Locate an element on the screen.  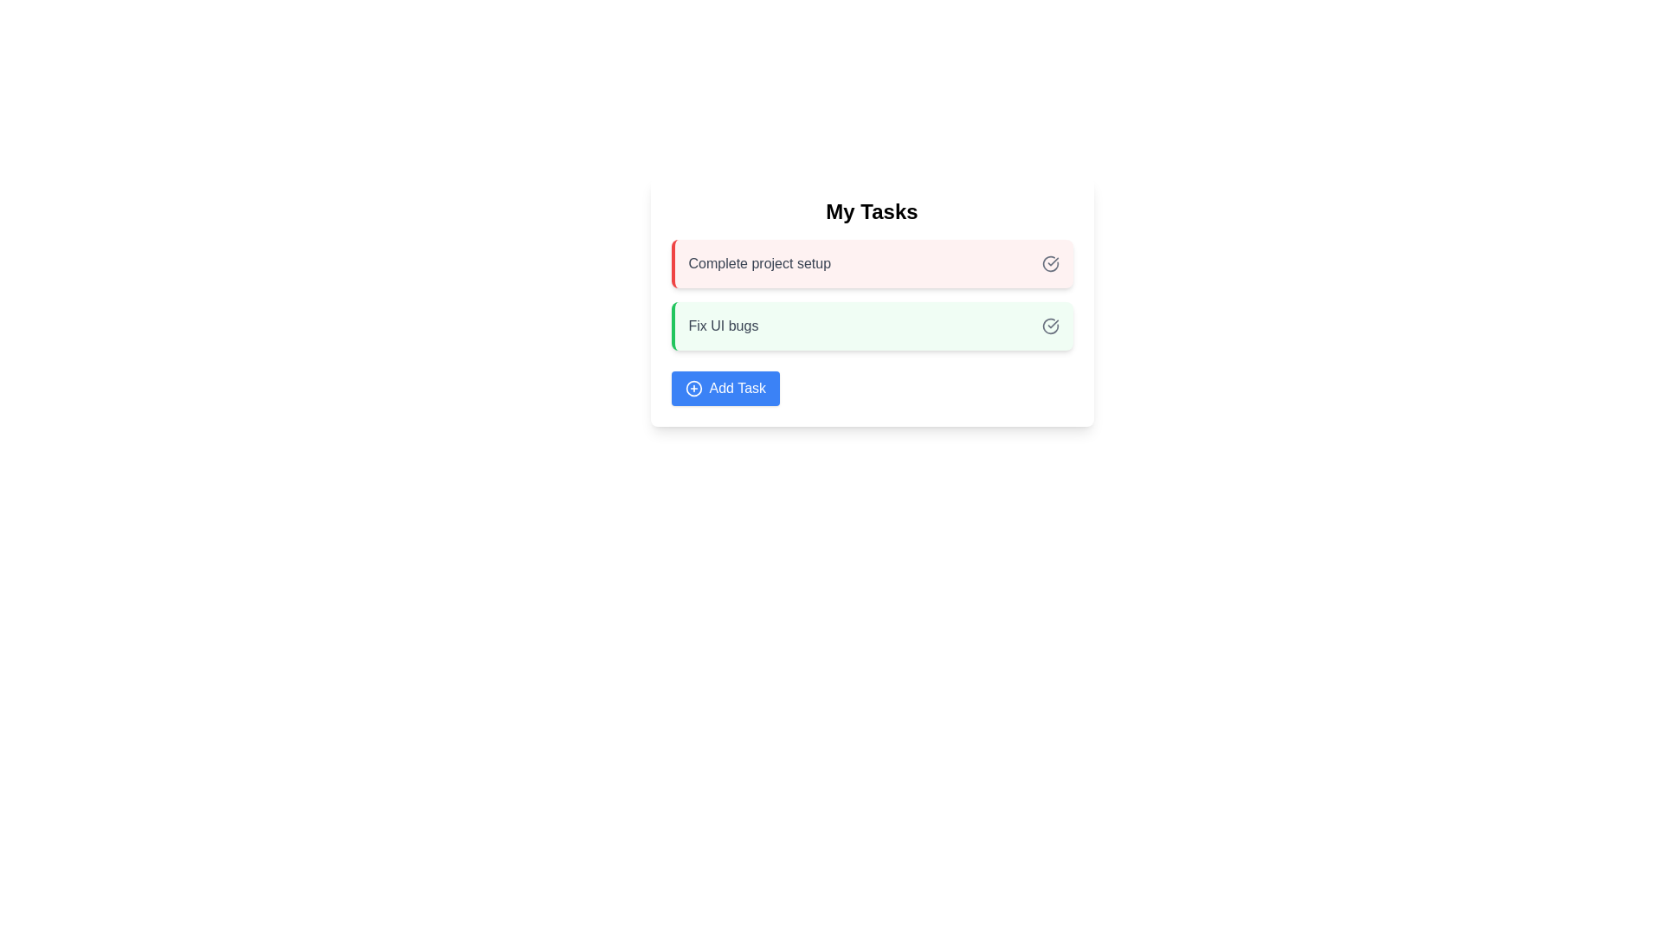
the 'Add Task' button to add a new task is located at coordinates (725, 387).